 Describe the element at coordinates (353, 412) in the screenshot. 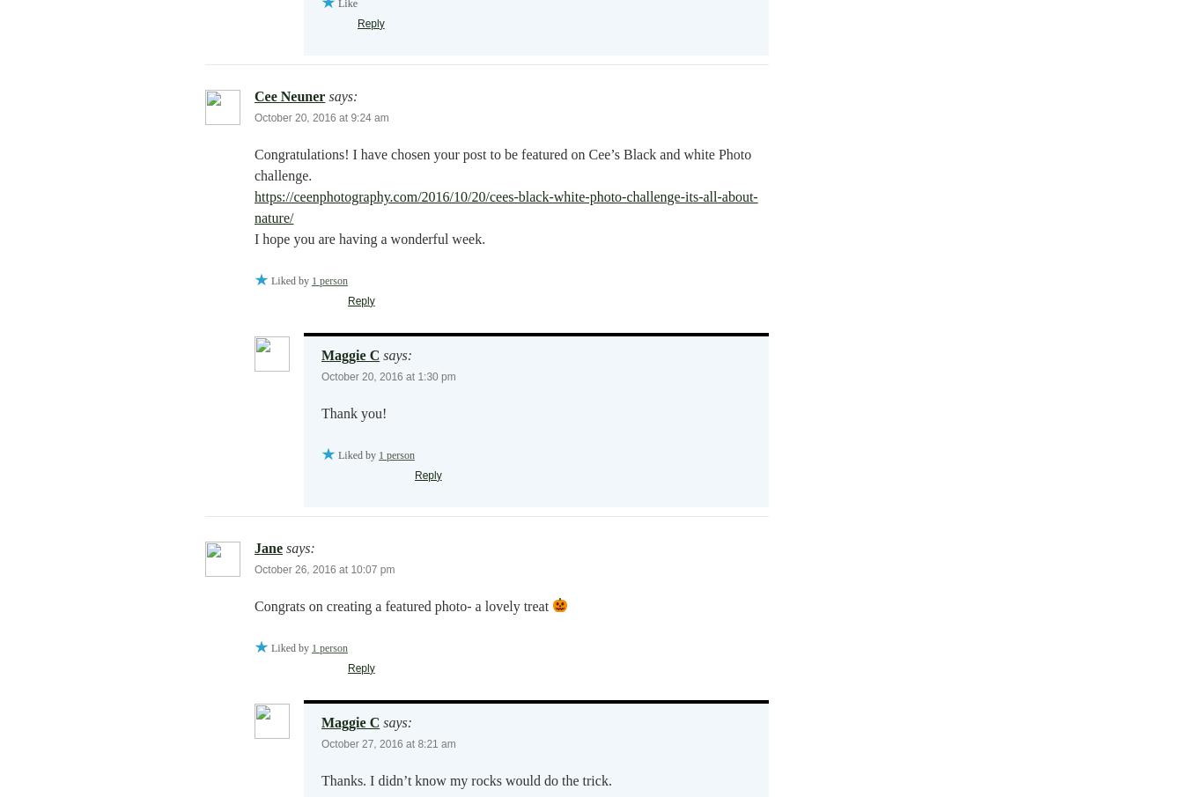

I see `'Thank you!'` at that location.